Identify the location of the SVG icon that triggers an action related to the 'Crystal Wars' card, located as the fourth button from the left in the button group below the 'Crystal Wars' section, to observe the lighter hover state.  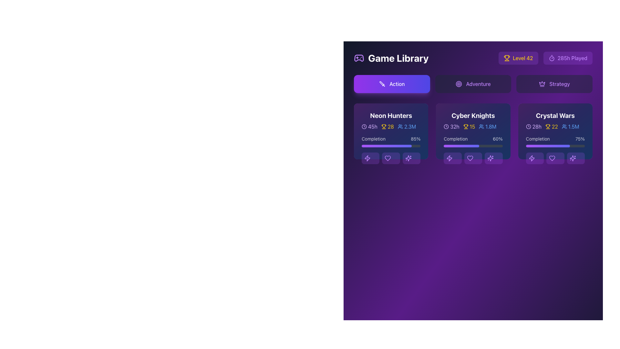
(573, 158).